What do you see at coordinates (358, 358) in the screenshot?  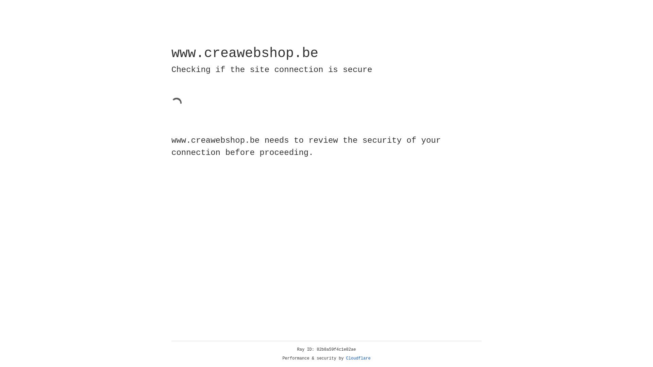 I see `'Cloudflare'` at bounding box center [358, 358].